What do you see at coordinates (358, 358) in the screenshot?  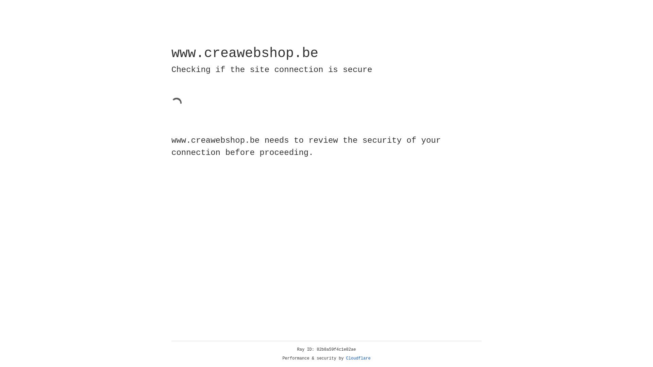 I see `'Cloudflare'` at bounding box center [358, 358].